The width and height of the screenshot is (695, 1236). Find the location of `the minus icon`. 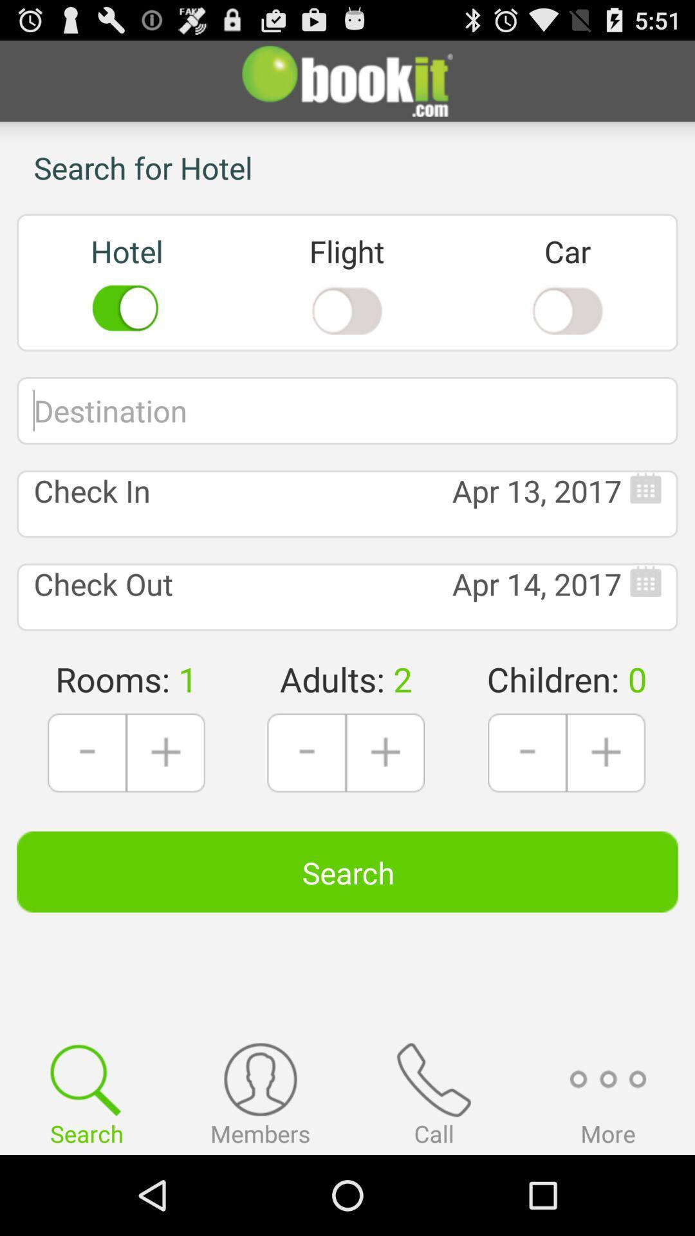

the minus icon is located at coordinates (527, 805).